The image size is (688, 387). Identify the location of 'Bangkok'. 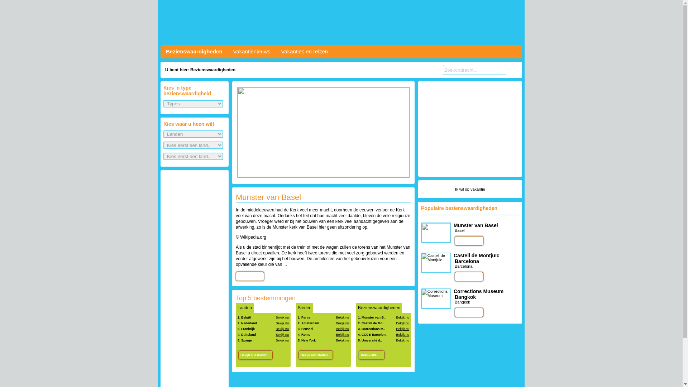
(462, 302).